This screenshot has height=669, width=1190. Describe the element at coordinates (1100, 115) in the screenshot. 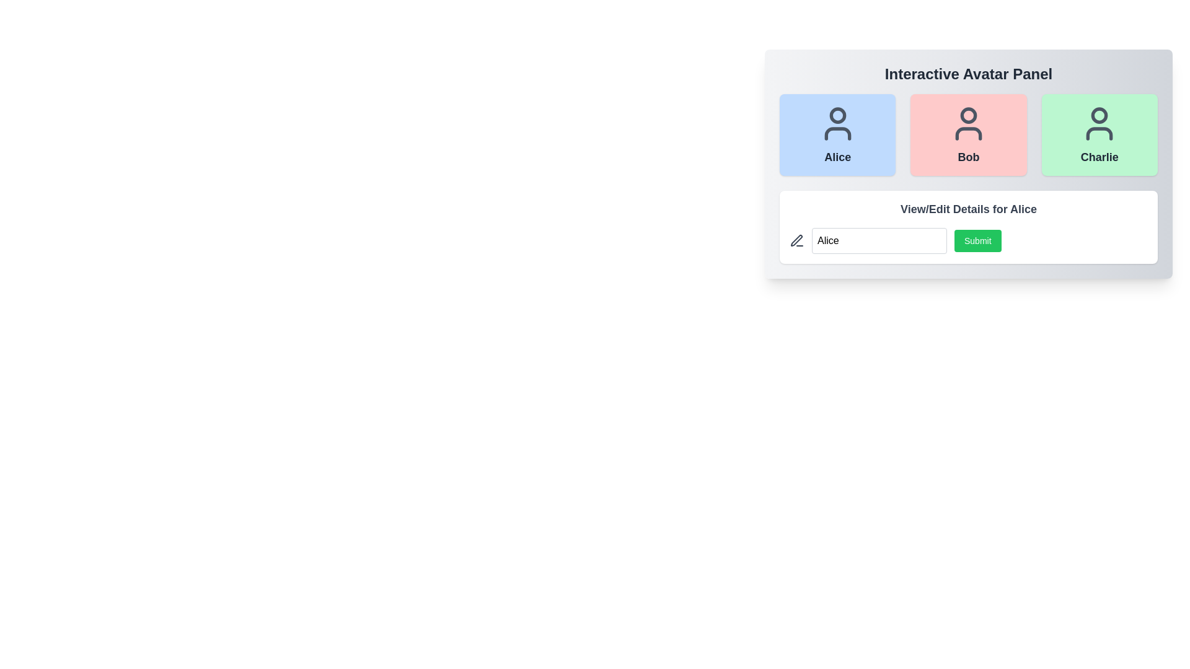

I see `circular SVG graphic component that represents the head or profile within the green 'Charlie' avatar card, located at the upper-central area of the card` at that location.